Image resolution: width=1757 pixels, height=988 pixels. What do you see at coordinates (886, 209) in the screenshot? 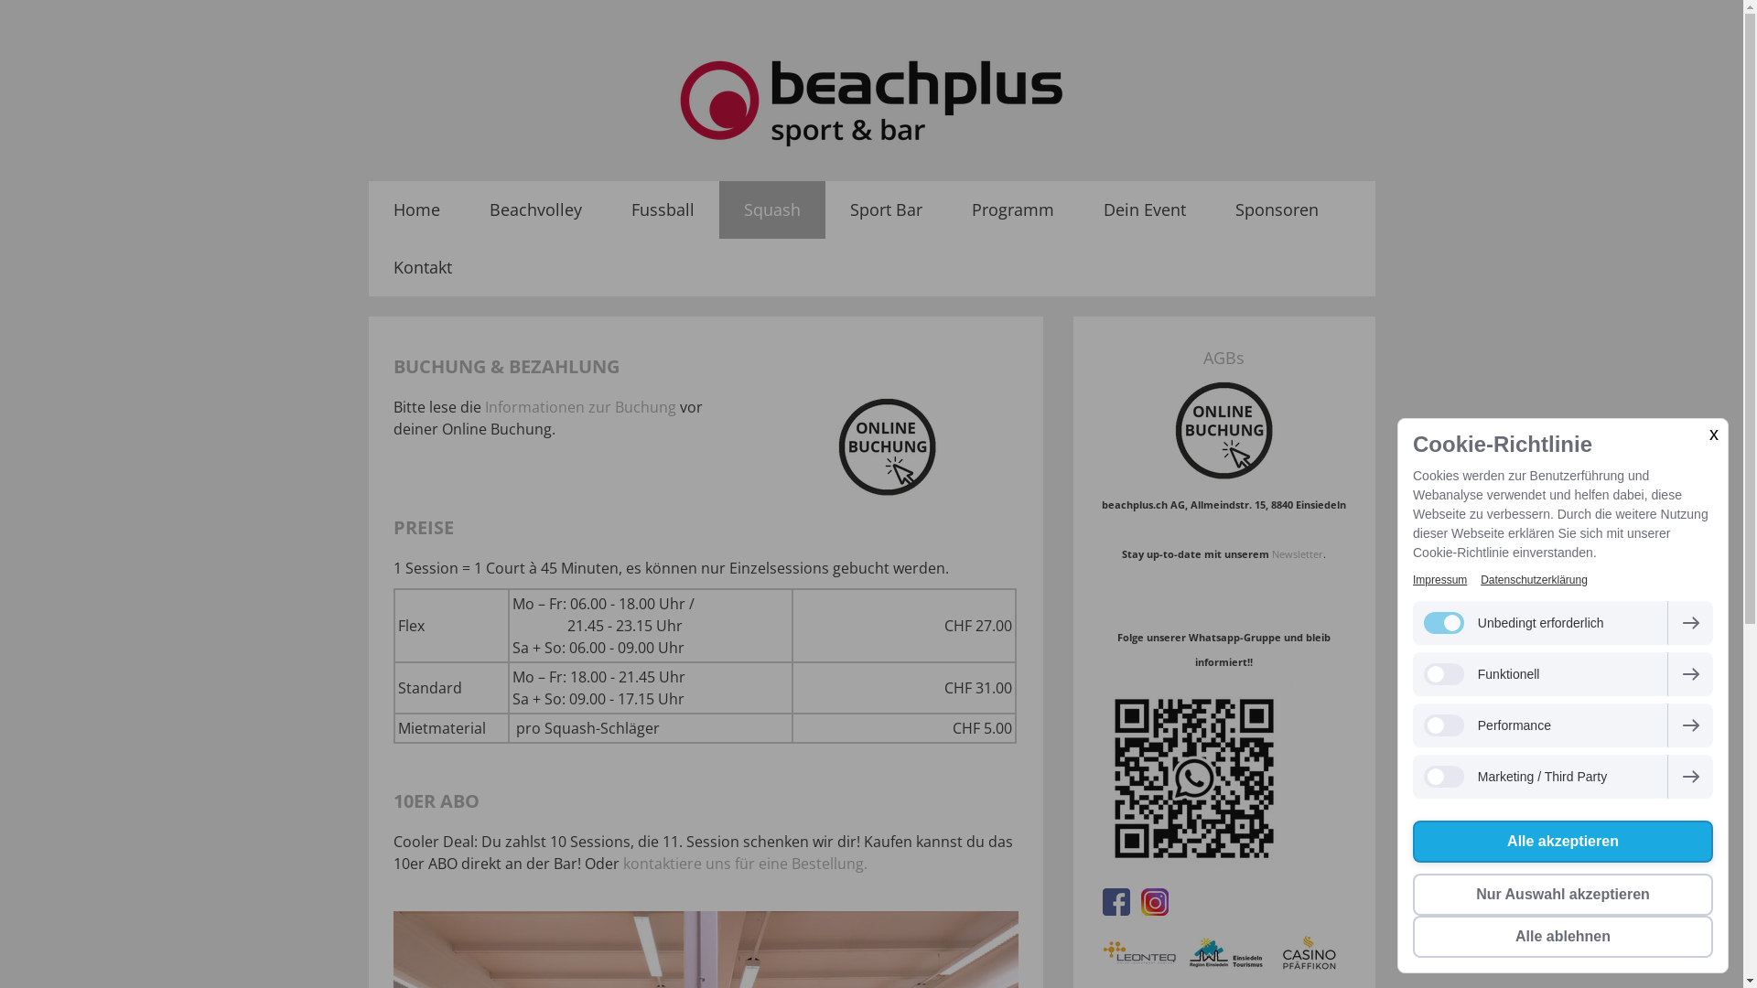
I see `'Sport Bar'` at bounding box center [886, 209].